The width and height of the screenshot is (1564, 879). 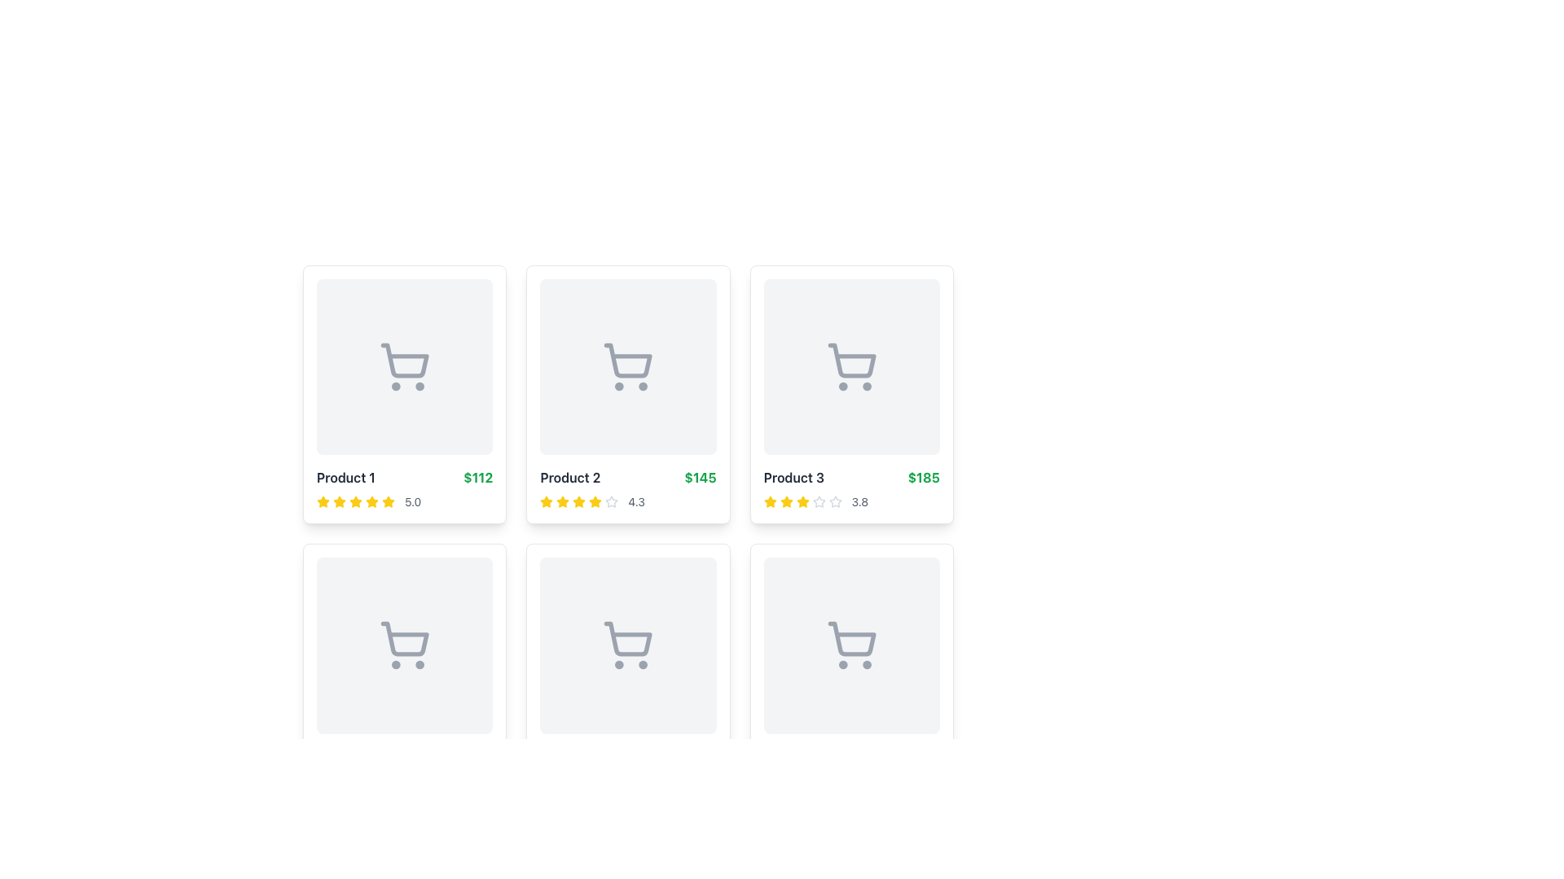 What do you see at coordinates (627, 645) in the screenshot?
I see `the shopping cart icon, which is the second cart icon in the center of the middle row of the grid layout` at bounding box center [627, 645].